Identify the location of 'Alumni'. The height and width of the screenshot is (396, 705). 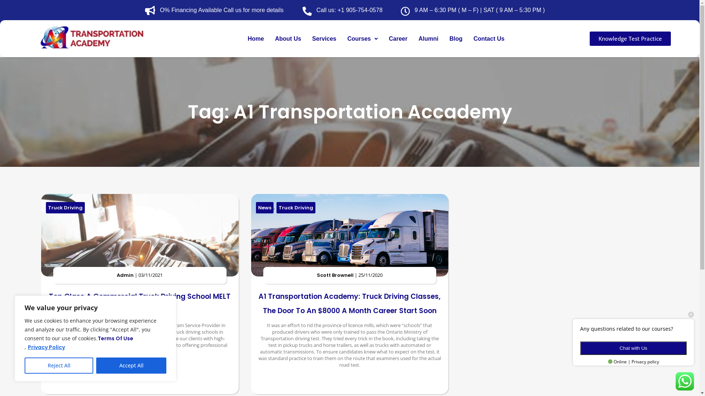
(428, 38).